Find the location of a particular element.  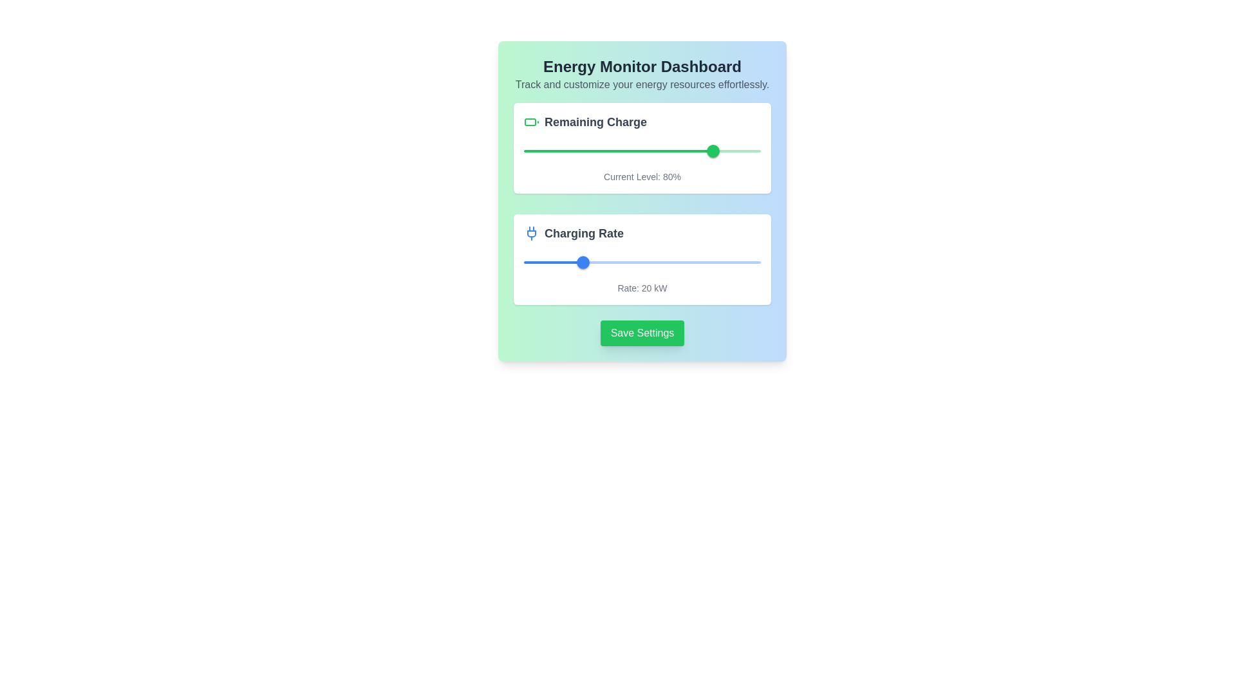

the blue plug icon located immediately to the left of the text 'Charging Rate' in the dashboard UI is located at coordinates (531, 233).